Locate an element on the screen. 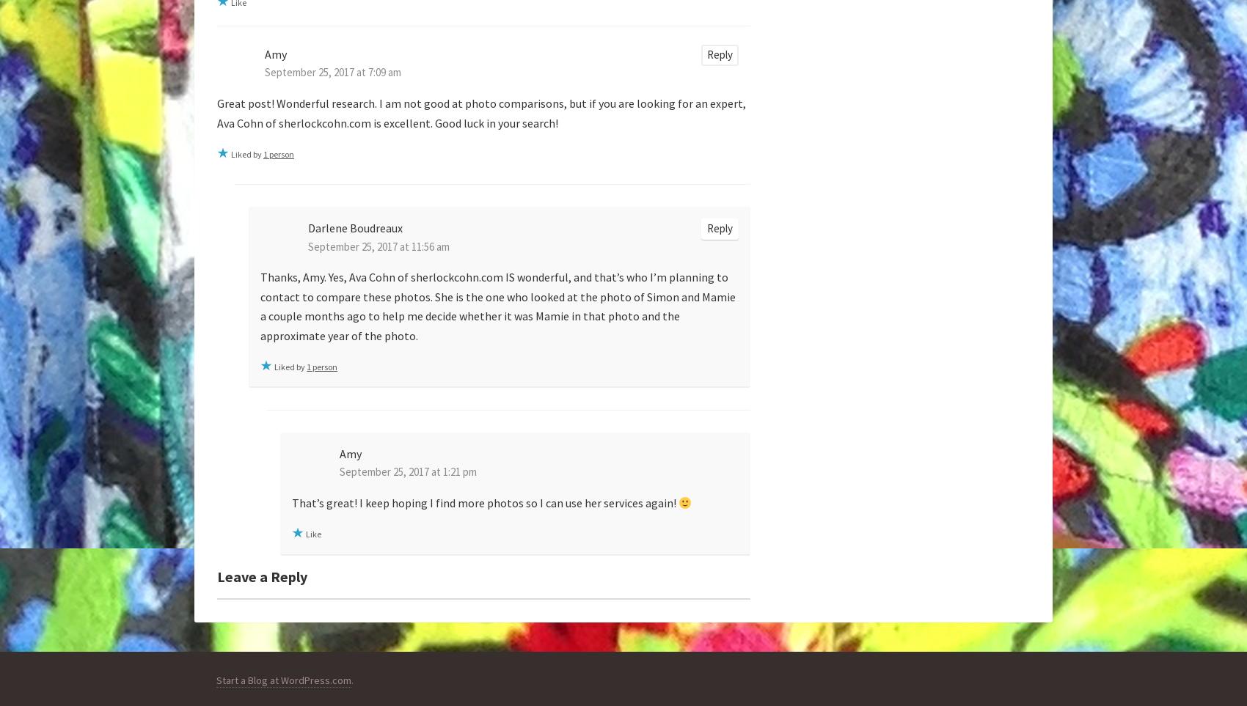 The width and height of the screenshot is (1247, 706). 'September 25, 2017 at 11:56 am' is located at coordinates (379, 246).